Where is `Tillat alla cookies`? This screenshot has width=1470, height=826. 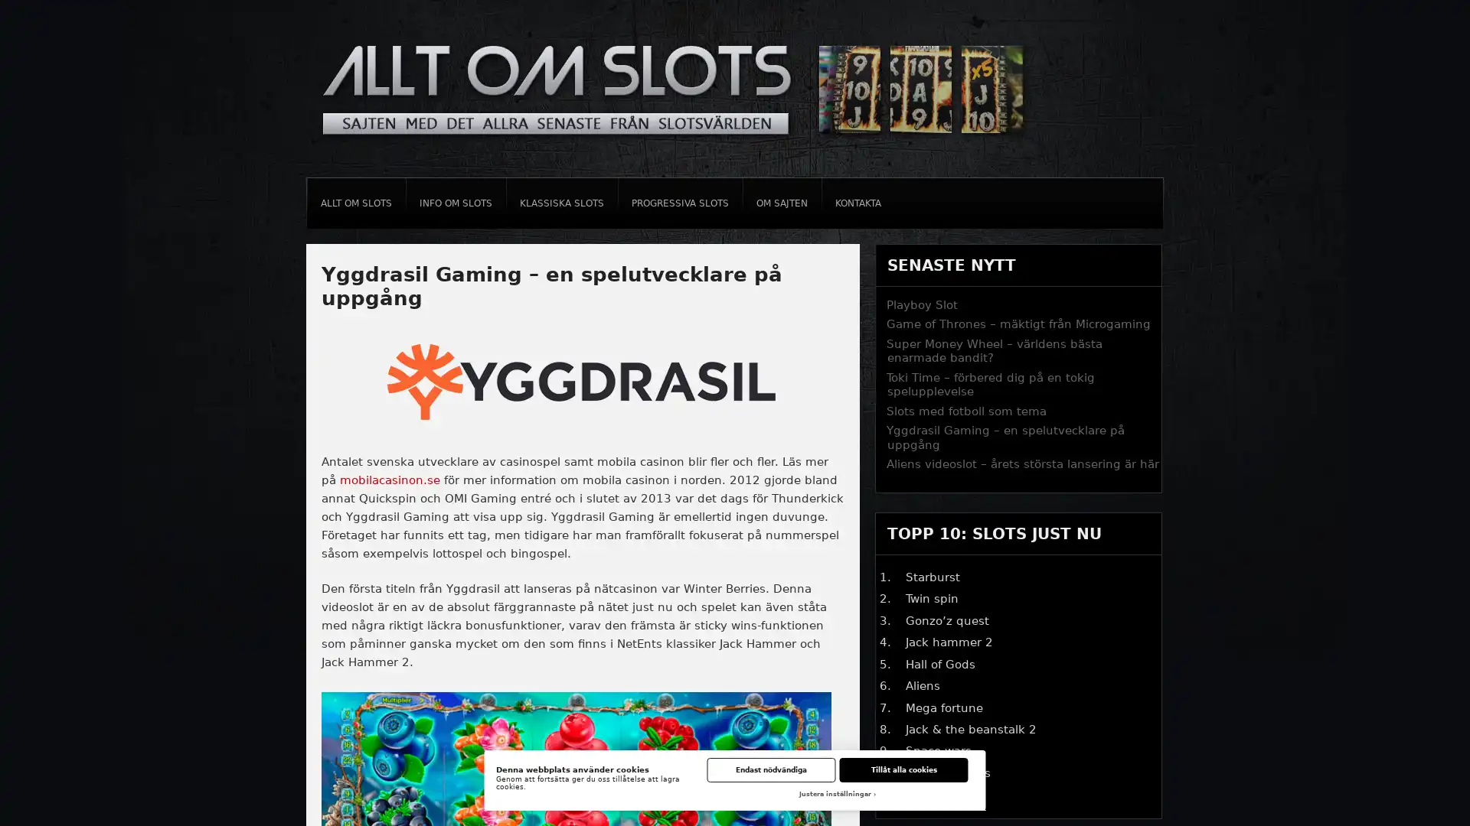 Tillat alla cookies is located at coordinates (903, 769).